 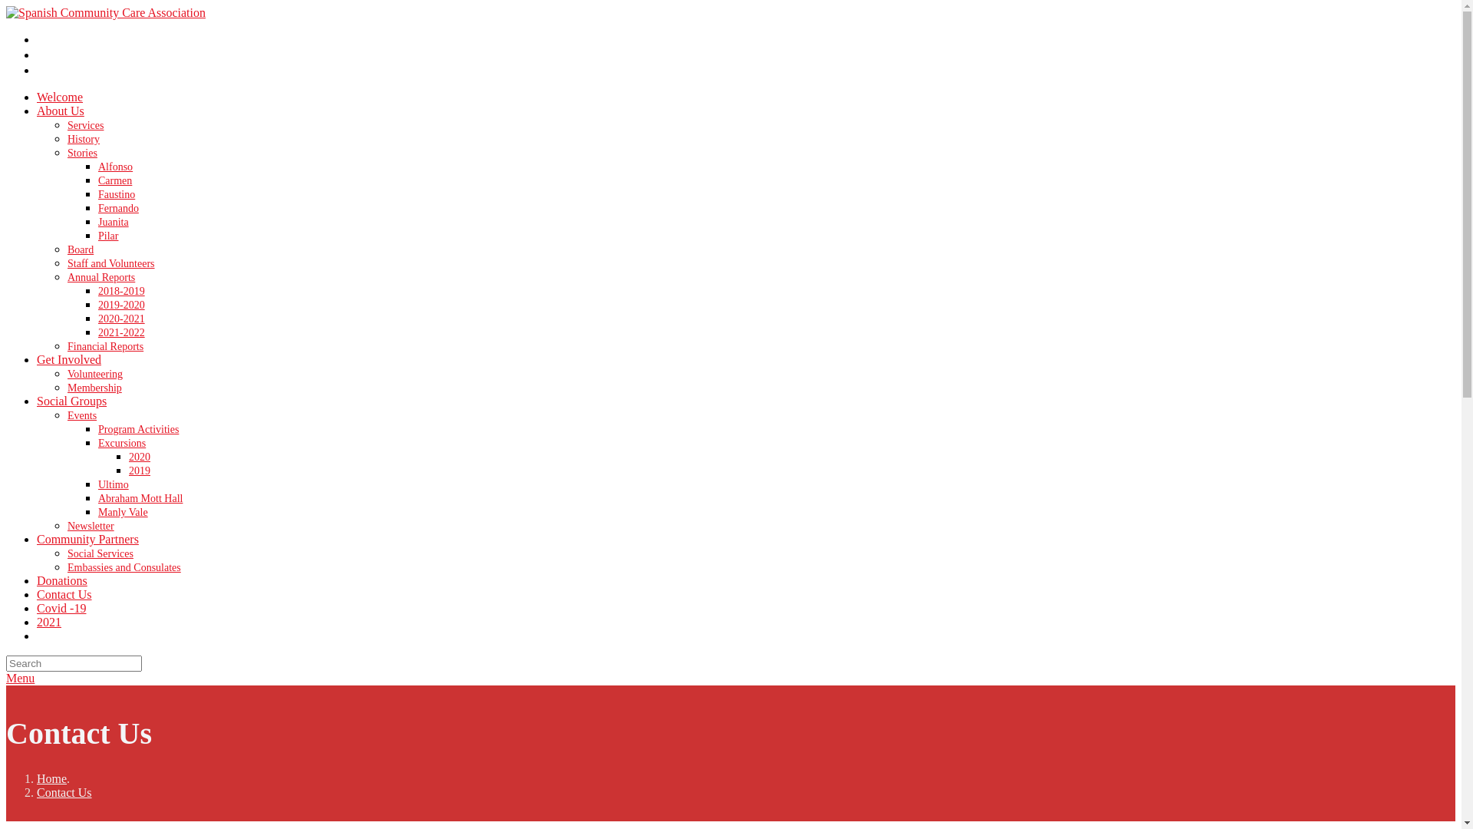 I want to click on '2019', so click(x=140, y=470).